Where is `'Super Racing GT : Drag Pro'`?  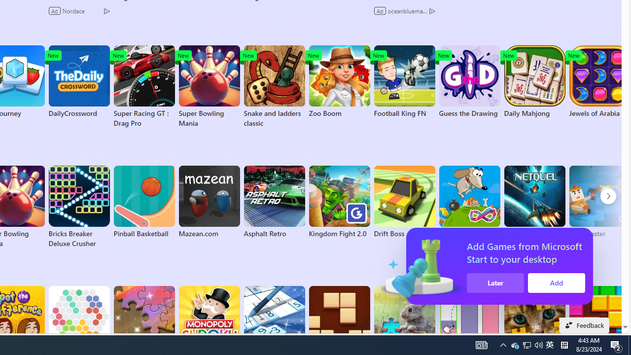 'Super Racing GT : Drag Pro' is located at coordinates (143, 86).